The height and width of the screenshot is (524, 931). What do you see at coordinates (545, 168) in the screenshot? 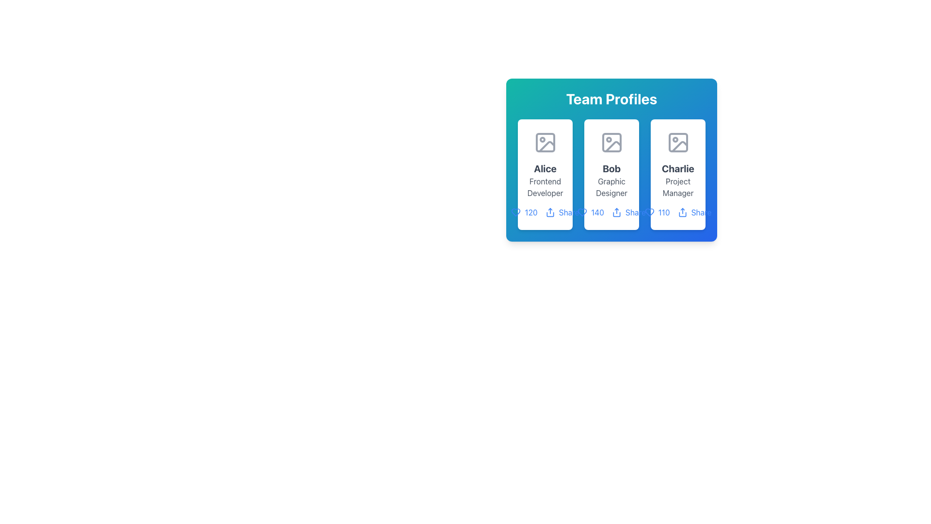
I see `the bold text label 'Alice' located in the first team profile card, which is positioned below a picture frame icon and above the subtitle 'Frontend Developer'` at bounding box center [545, 168].